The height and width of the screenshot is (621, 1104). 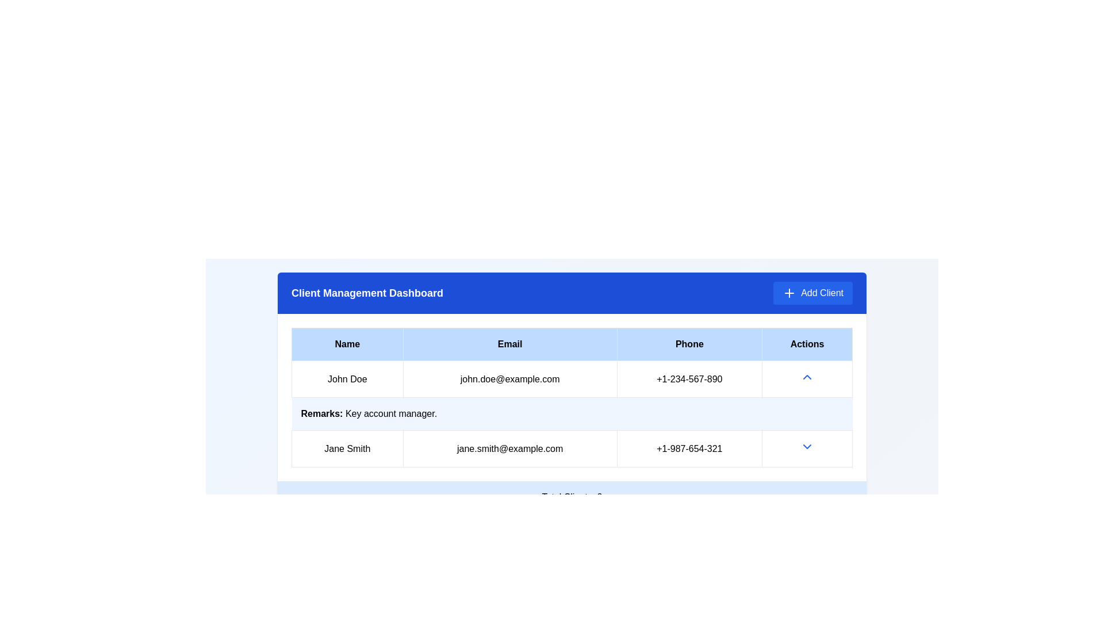 What do you see at coordinates (806, 377) in the screenshot?
I see `the upward-pointing blue chevron icon located in the 'Actions' column of the table row for 'Jane Smith'` at bounding box center [806, 377].